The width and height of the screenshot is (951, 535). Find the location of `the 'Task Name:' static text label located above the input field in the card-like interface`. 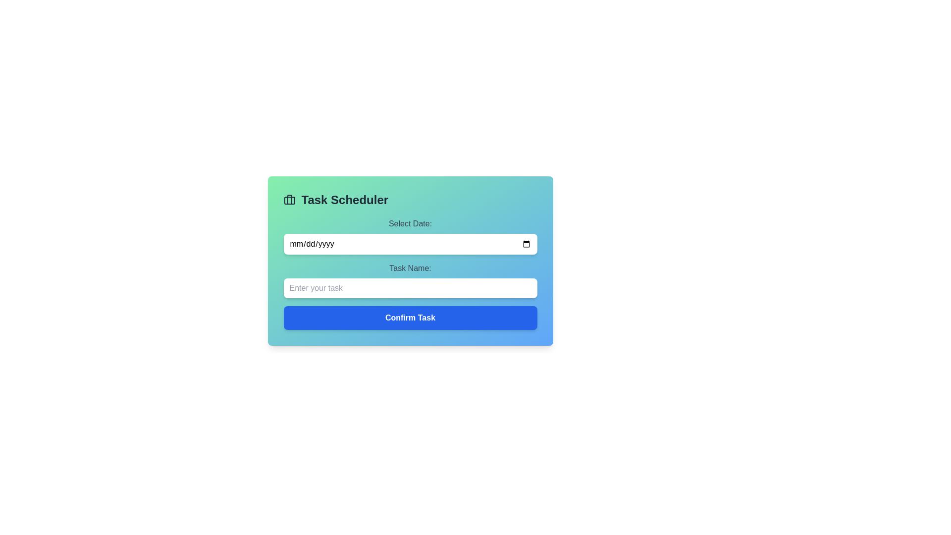

the 'Task Name:' static text label located above the input field in the card-like interface is located at coordinates (410, 268).